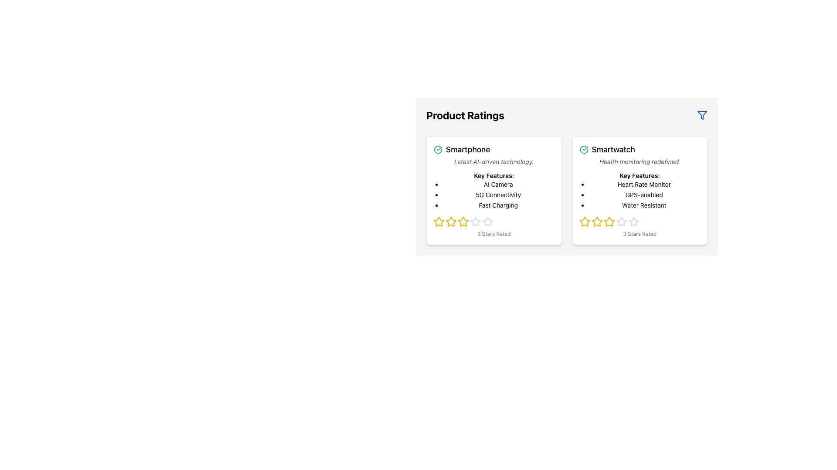 Image resolution: width=837 pixels, height=470 pixels. I want to click on the fourth star in the 5-star rating system for the Smartwatch product card to rate it as 4 stars, so click(609, 221).